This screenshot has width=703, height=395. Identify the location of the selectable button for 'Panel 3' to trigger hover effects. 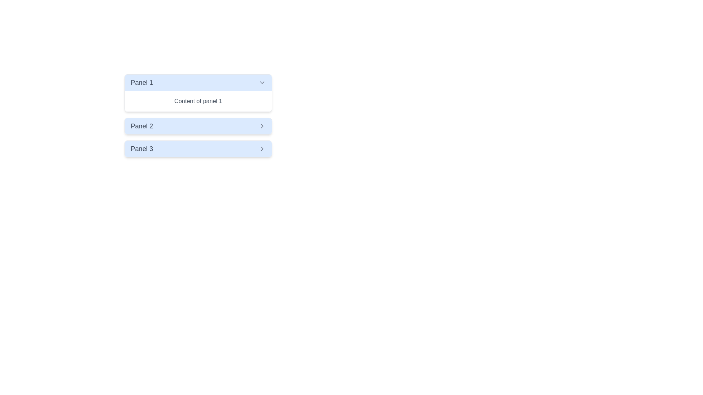
(198, 148).